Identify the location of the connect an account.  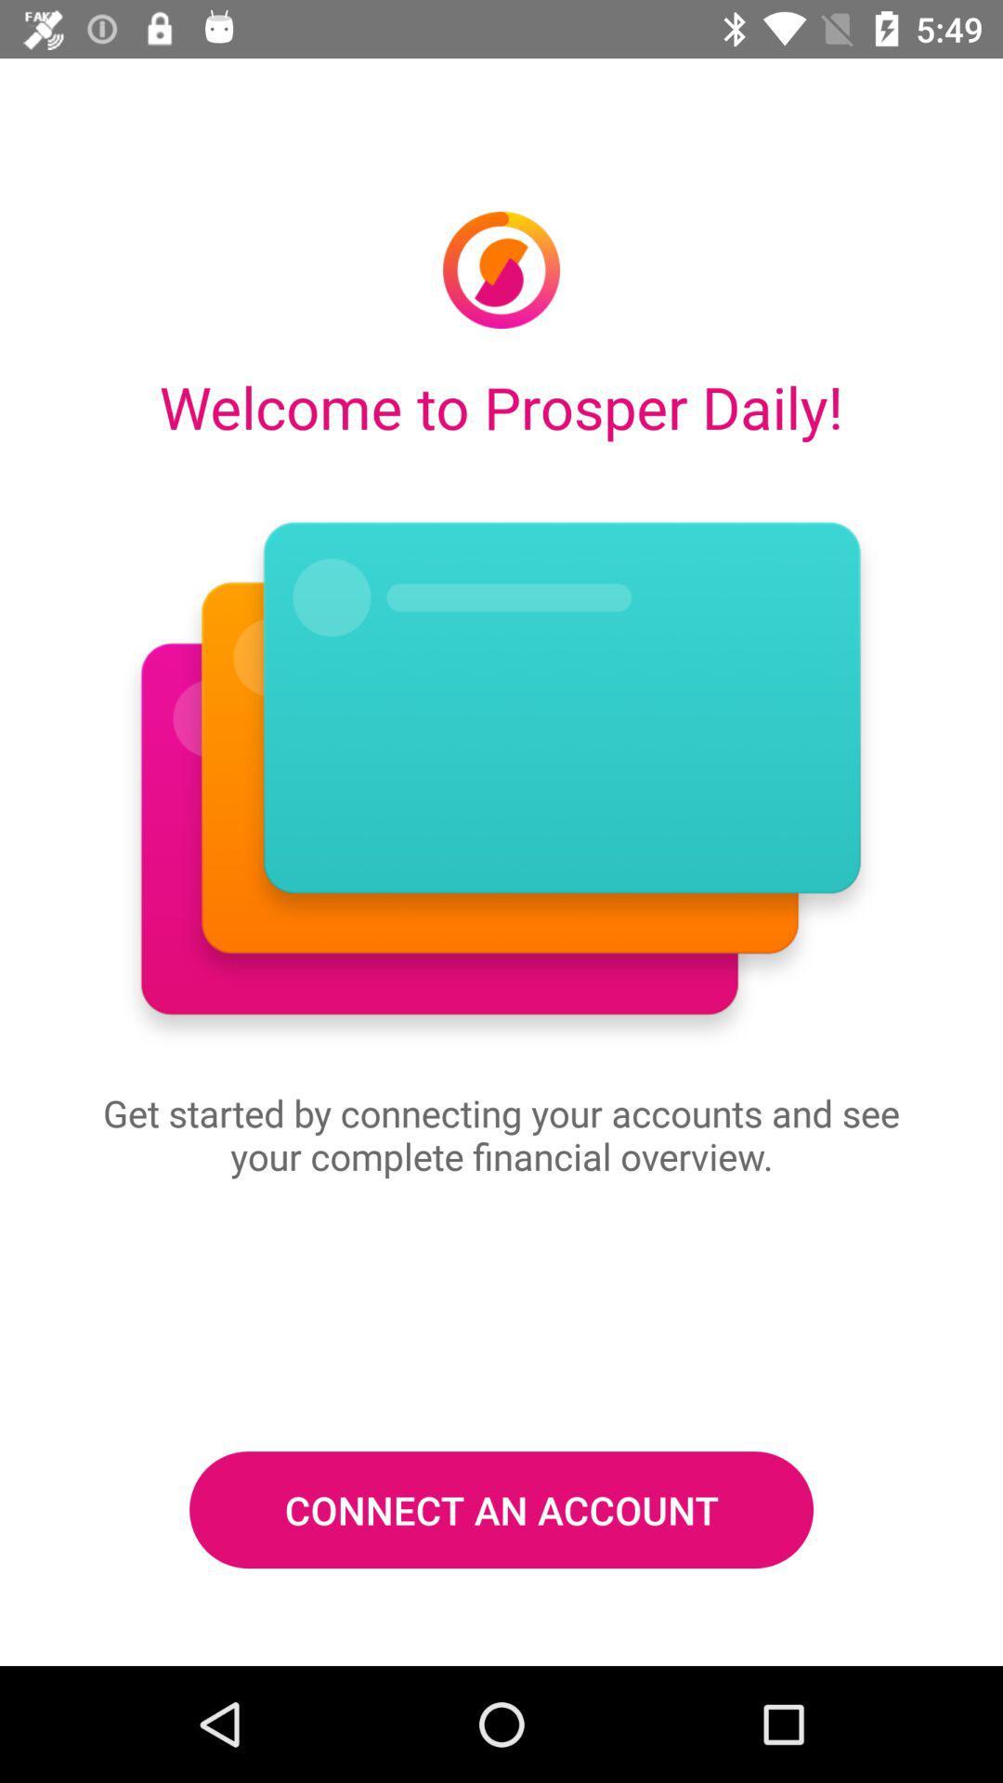
(501, 1510).